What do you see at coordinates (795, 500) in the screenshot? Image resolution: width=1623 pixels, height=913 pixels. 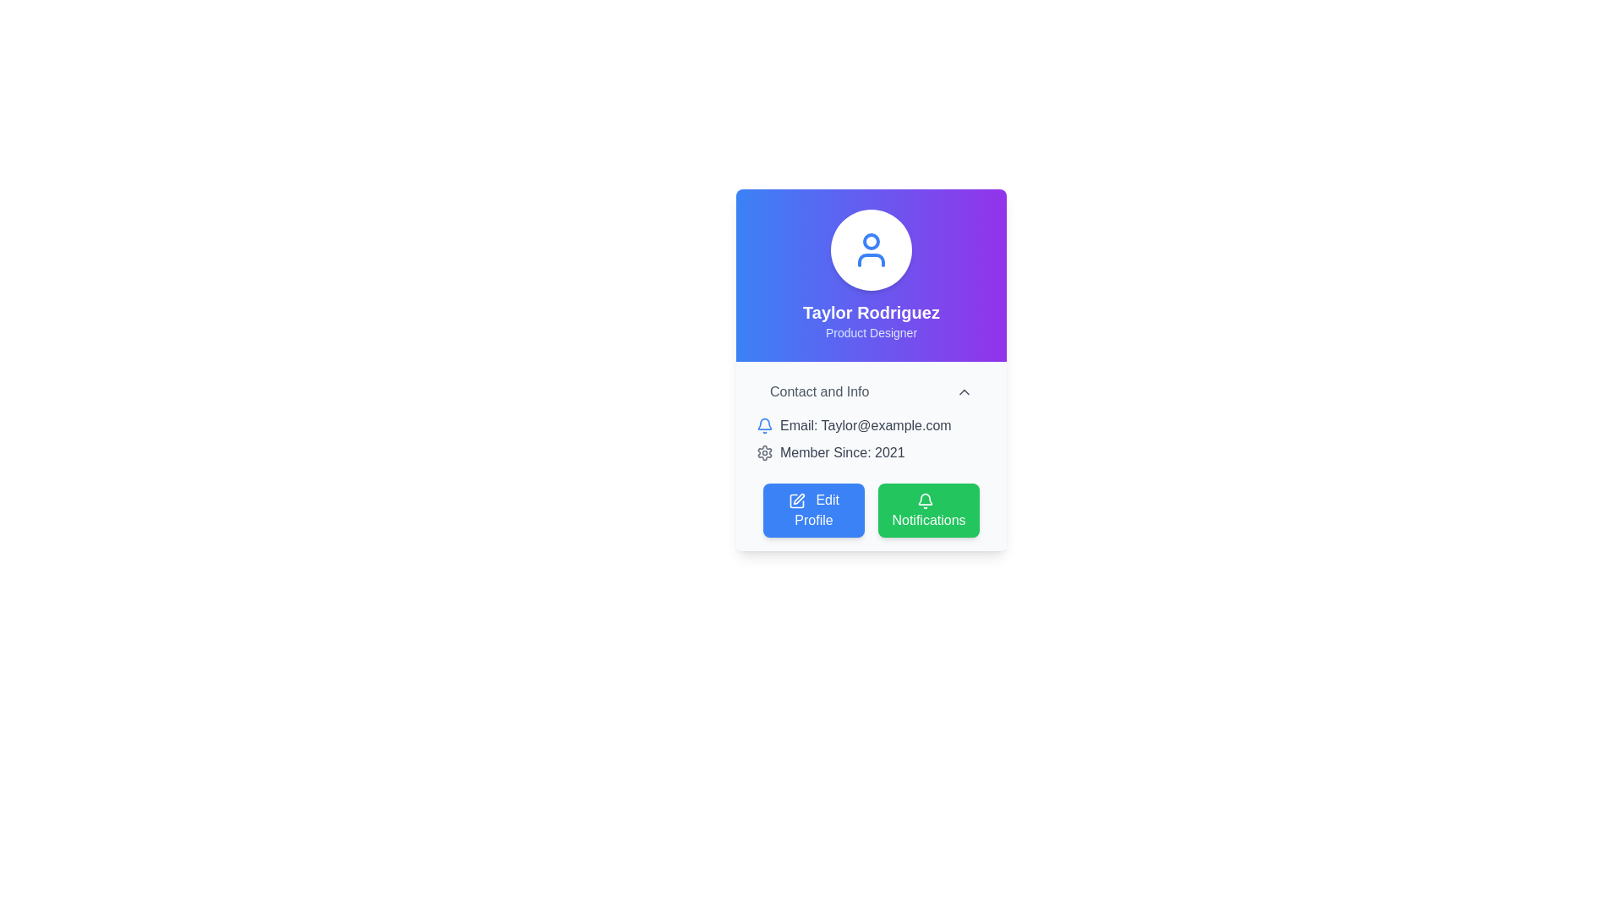 I see `the 'Edit Profile' icon located on the left side of the 'Edit Profile' button at the lower left part of the profile card` at bounding box center [795, 500].